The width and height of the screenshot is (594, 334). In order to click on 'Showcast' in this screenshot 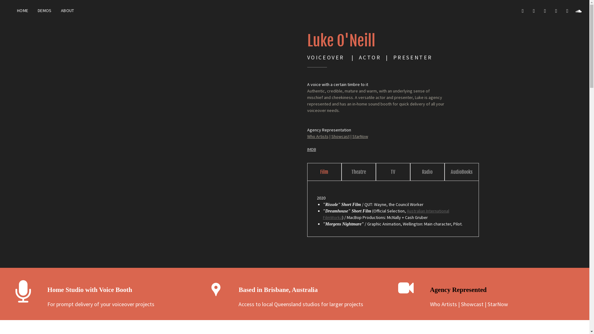, I will do `click(472, 304)`.